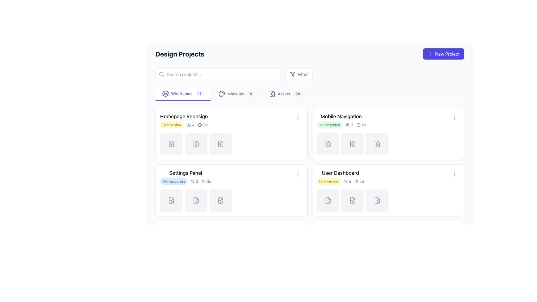 This screenshot has width=537, height=302. What do you see at coordinates (347, 125) in the screenshot?
I see `the user figures icon located in the top-right corner of the 'Mobile Navigation' project card, which symbolizes multiple users` at bounding box center [347, 125].